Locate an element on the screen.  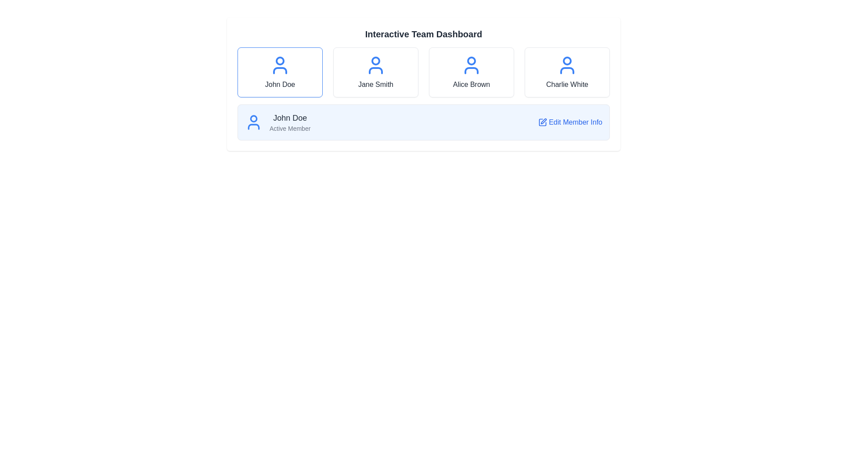
the status indicator text label located beneath 'John Doe' in the light blue rectangular section of the main dashboard is located at coordinates (290, 129).